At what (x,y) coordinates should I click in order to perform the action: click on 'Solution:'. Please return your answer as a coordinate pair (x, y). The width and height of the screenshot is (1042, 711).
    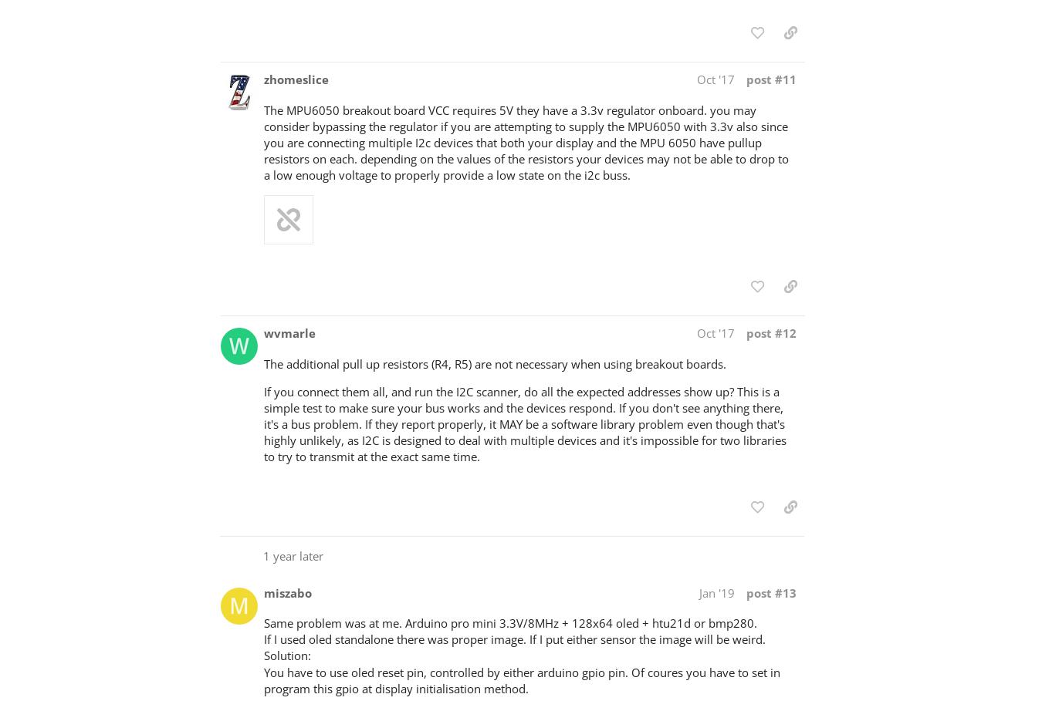
    Looking at the image, I should click on (263, 654).